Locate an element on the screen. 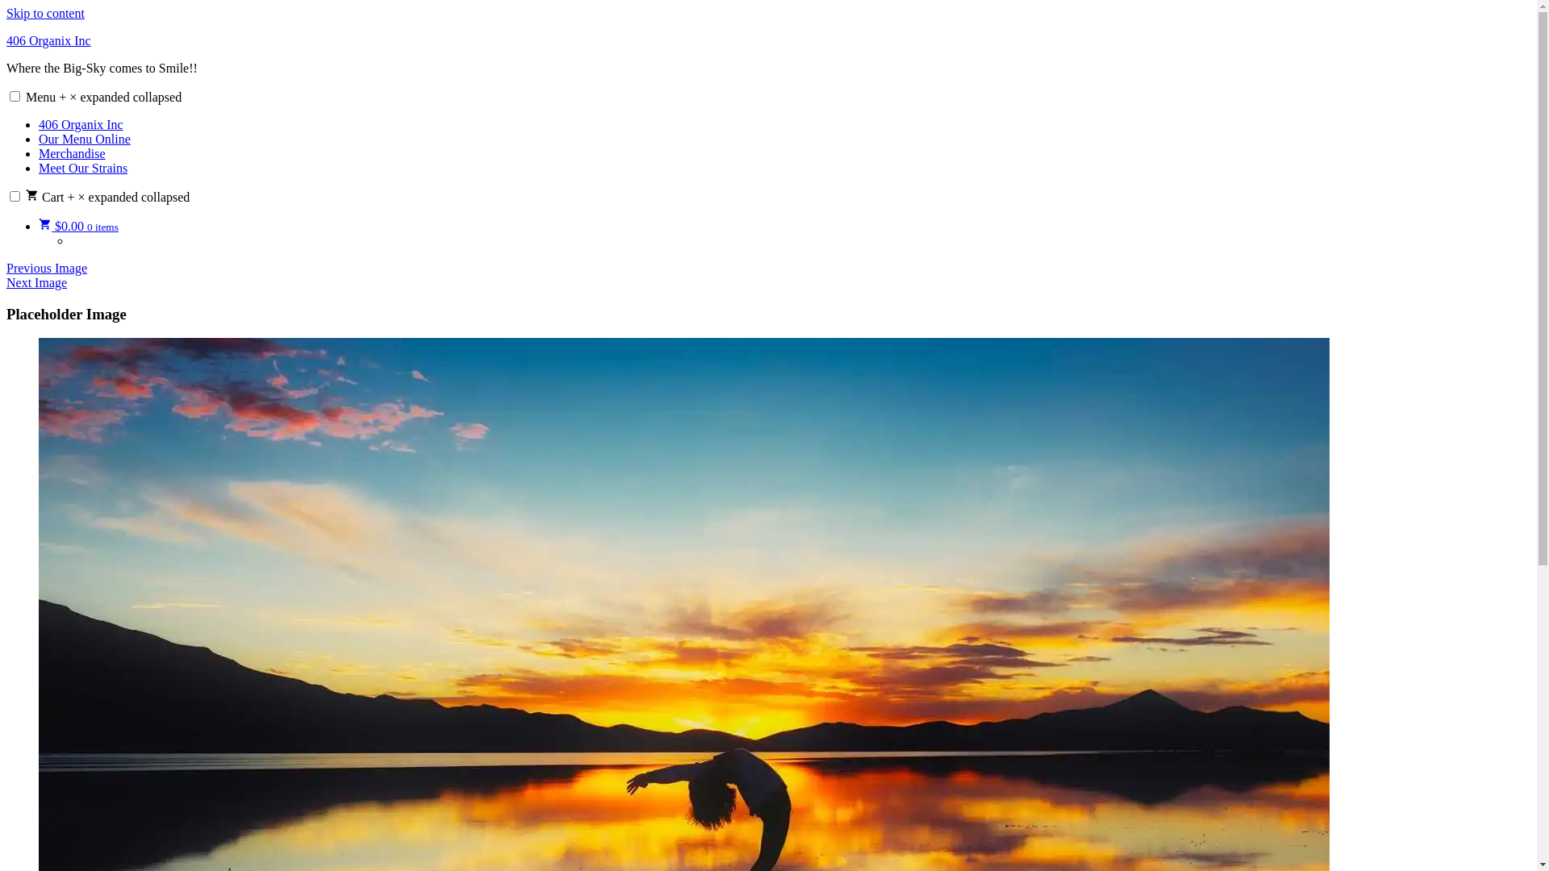 This screenshot has width=1549, height=871. 'Our Menu Online' is located at coordinates (84, 138).